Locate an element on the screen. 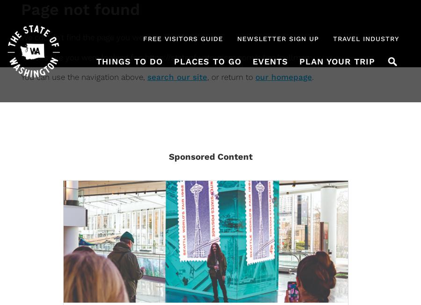  'Free Visitors Guide' is located at coordinates (183, 38).